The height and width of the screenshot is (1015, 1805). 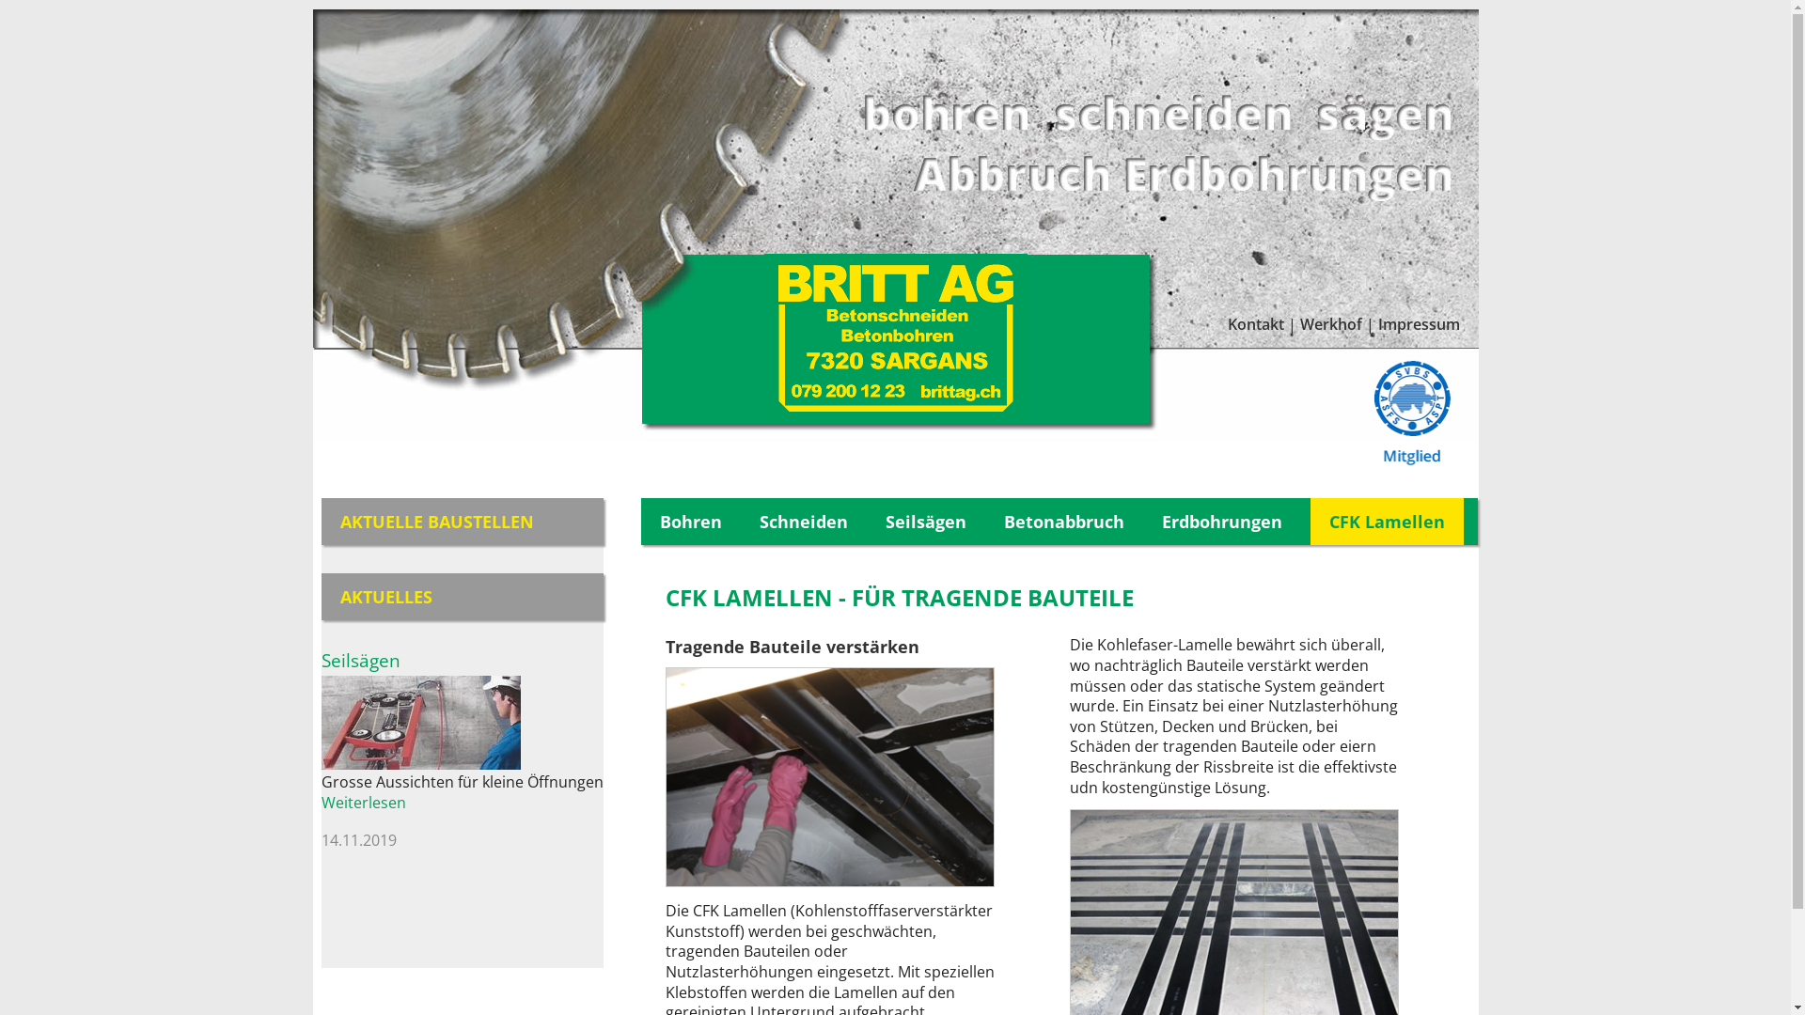 I want to click on 'Schneiden', so click(x=803, y=522).